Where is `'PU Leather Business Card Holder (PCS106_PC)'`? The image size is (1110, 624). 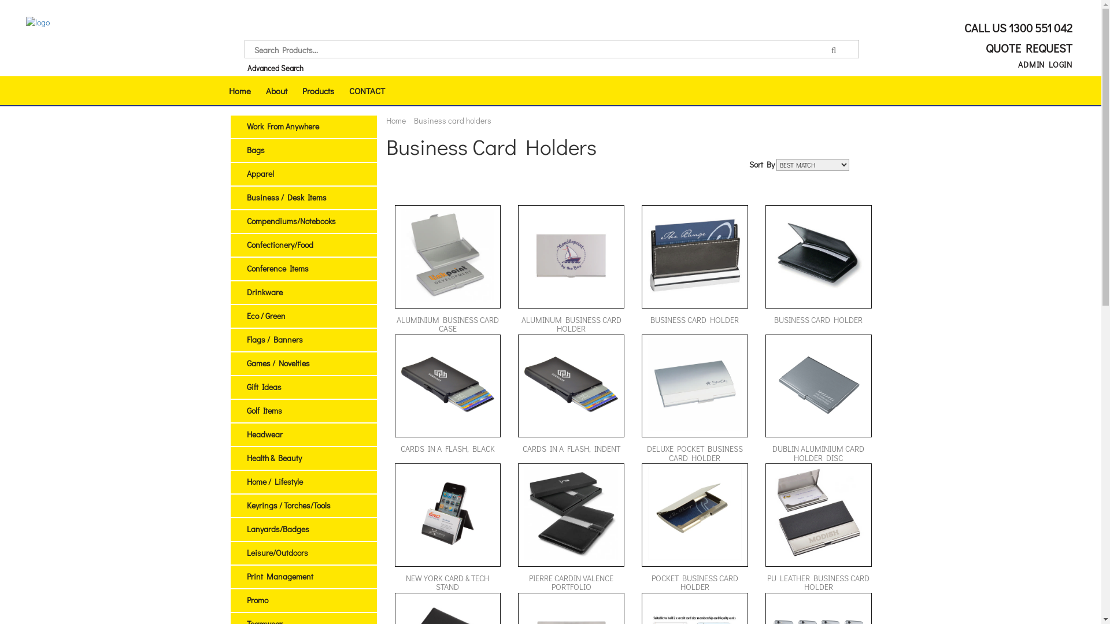 'PU Leather Business Card Holder (PCS106_PC)' is located at coordinates (818, 512).